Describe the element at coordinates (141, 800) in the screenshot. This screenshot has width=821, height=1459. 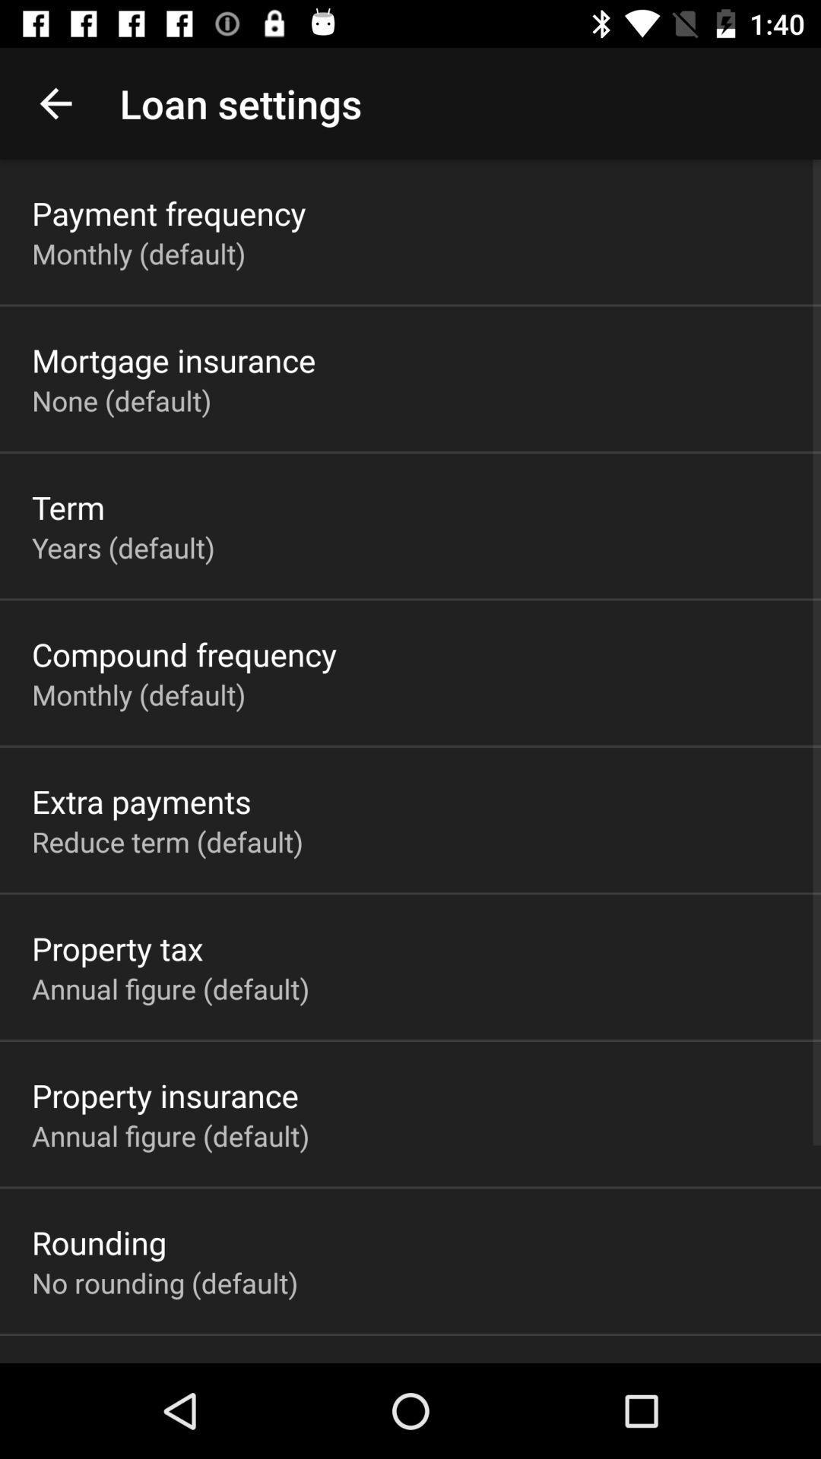
I see `the extra payments icon` at that location.